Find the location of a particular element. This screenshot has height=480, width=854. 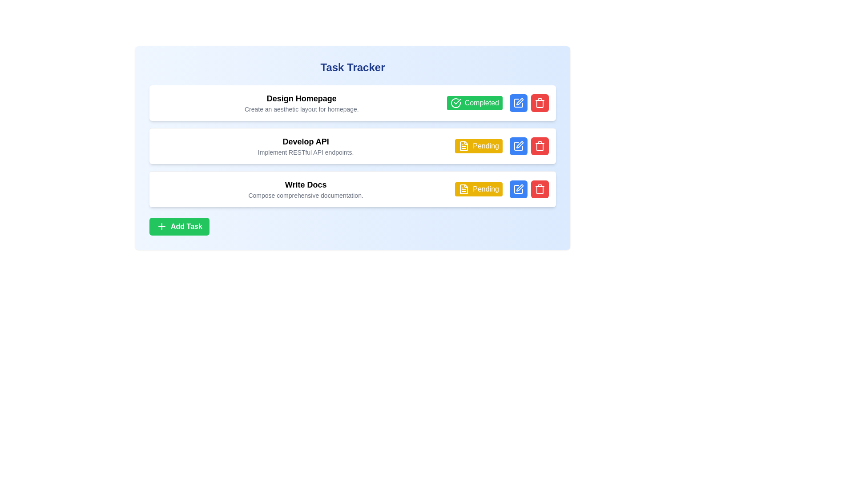

the 'Completed' button, which is a vibrant green rectangular button with rounded corners and white text, located in the topmost task row to the right of the task title and left of the blue 'Edit' button is located at coordinates (474, 102).